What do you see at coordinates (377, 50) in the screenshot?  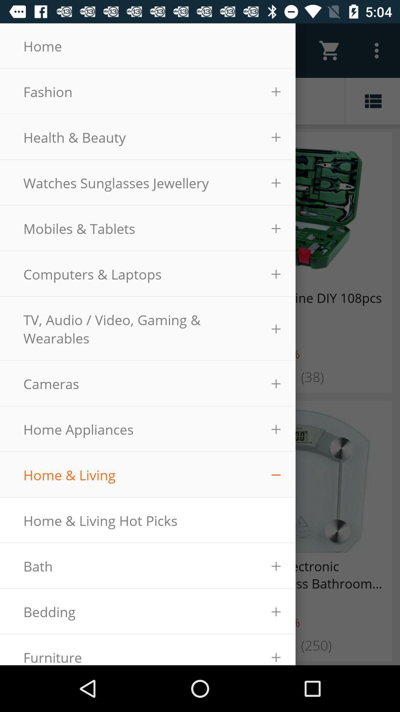 I see `options` at bounding box center [377, 50].